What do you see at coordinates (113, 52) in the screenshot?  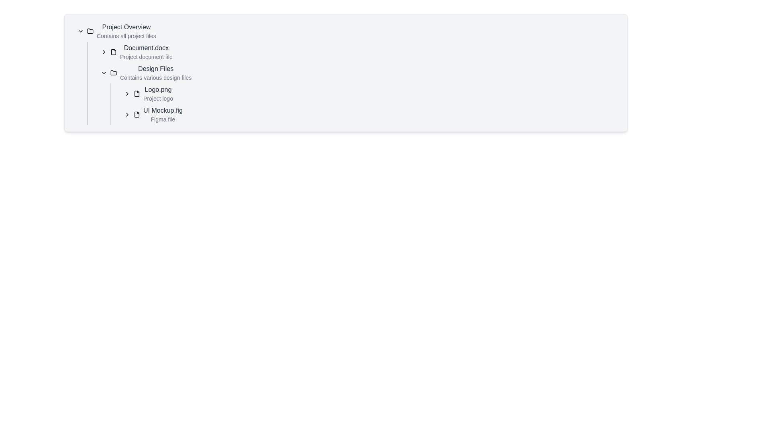 I see `the file icon representing 'Document.docx' in the project file hierarchy` at bounding box center [113, 52].